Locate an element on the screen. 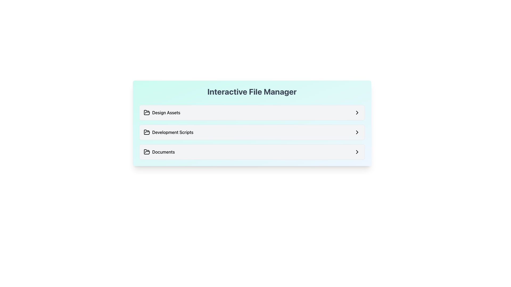 The width and height of the screenshot is (511, 287). the 'Design Assets' folder icon, which is located to the left of the label text 'Design Assets' in the first row of the list is located at coordinates (147, 112).